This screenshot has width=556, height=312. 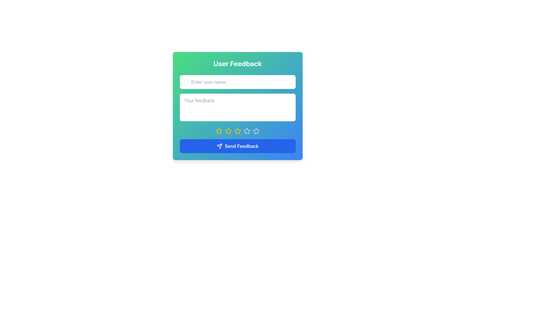 I want to click on the third star icon in the rating system, so click(x=247, y=131).